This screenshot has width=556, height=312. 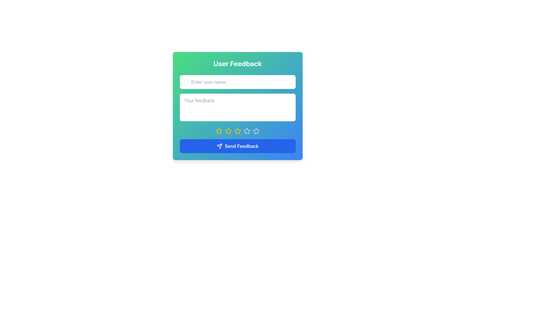 I want to click on the third star icon in the rating system, so click(x=247, y=131).